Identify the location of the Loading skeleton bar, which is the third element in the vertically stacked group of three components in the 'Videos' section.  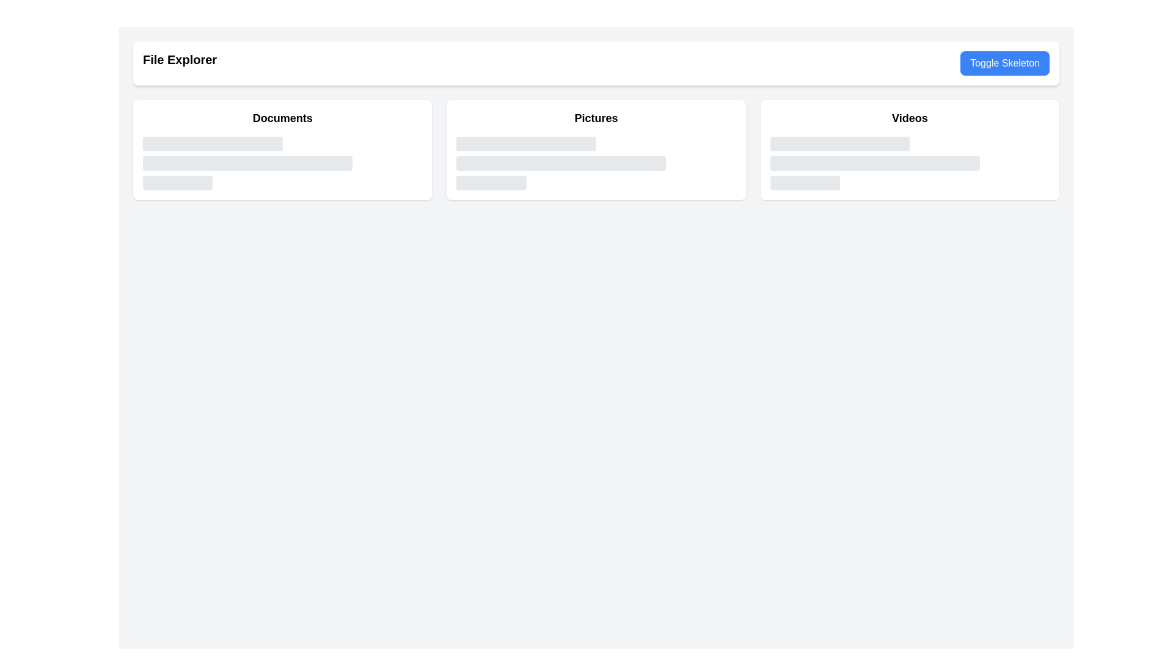
(805, 183).